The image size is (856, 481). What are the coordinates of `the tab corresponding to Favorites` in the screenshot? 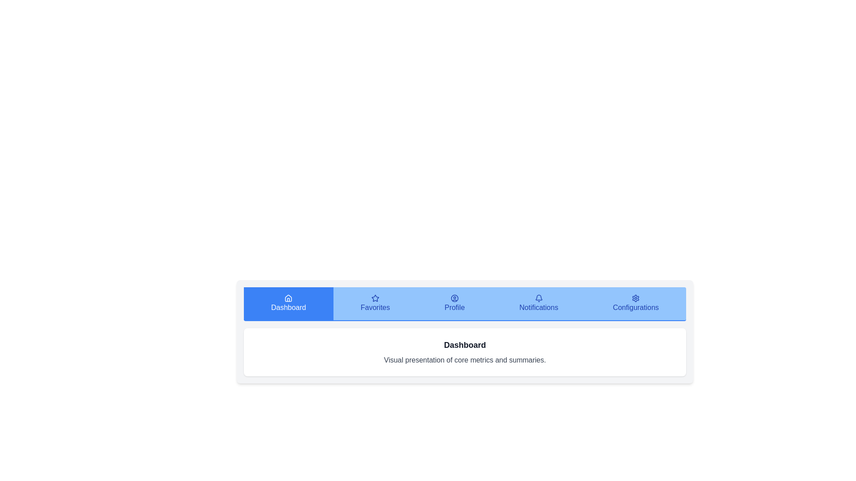 It's located at (374, 303).